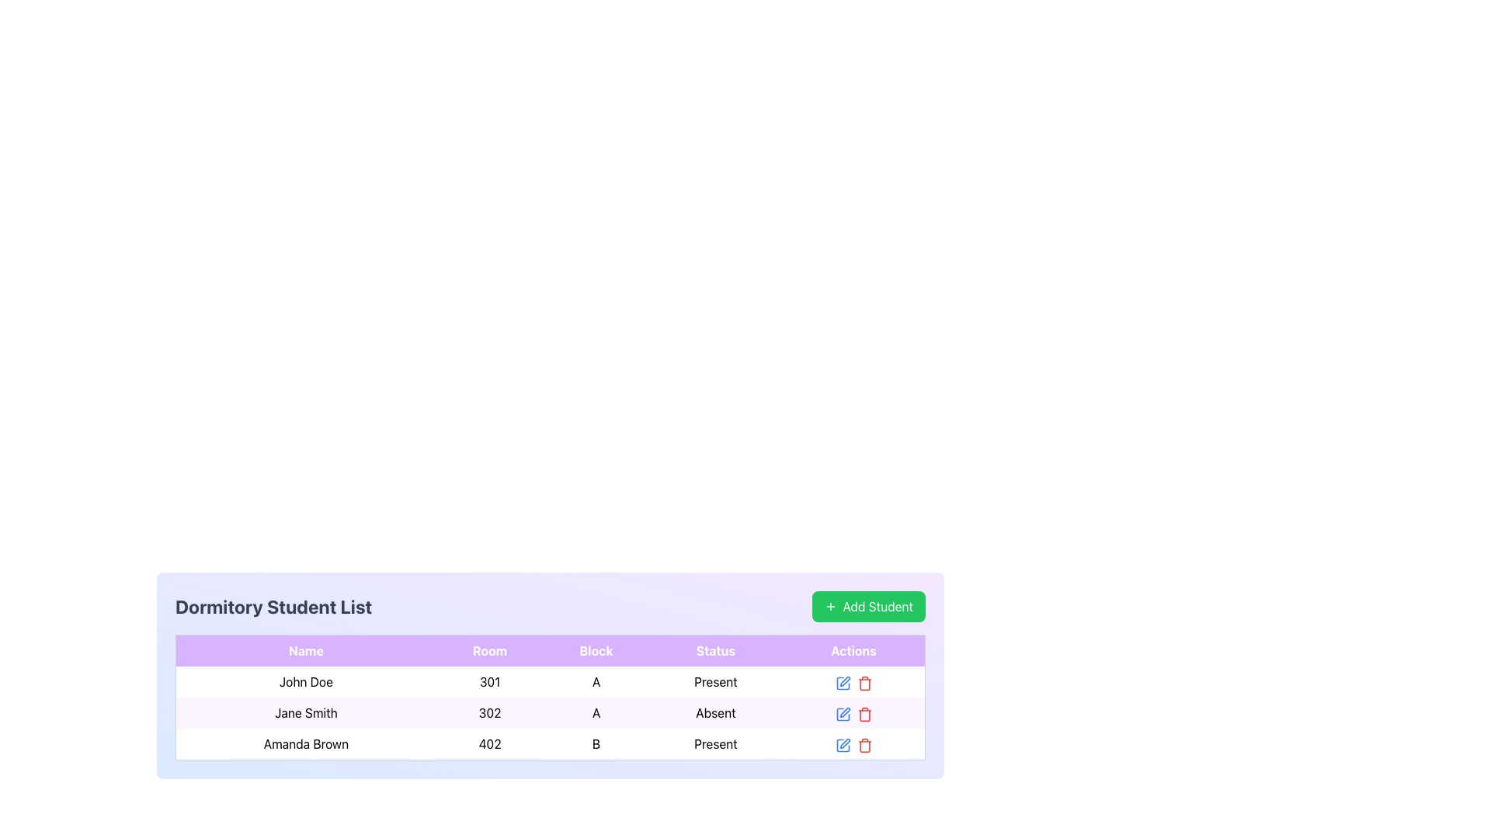  Describe the element at coordinates (864, 714) in the screenshot. I see `the red trash bin icon button in the Actions column of the table for the second row associated with Jane Smith` at that location.